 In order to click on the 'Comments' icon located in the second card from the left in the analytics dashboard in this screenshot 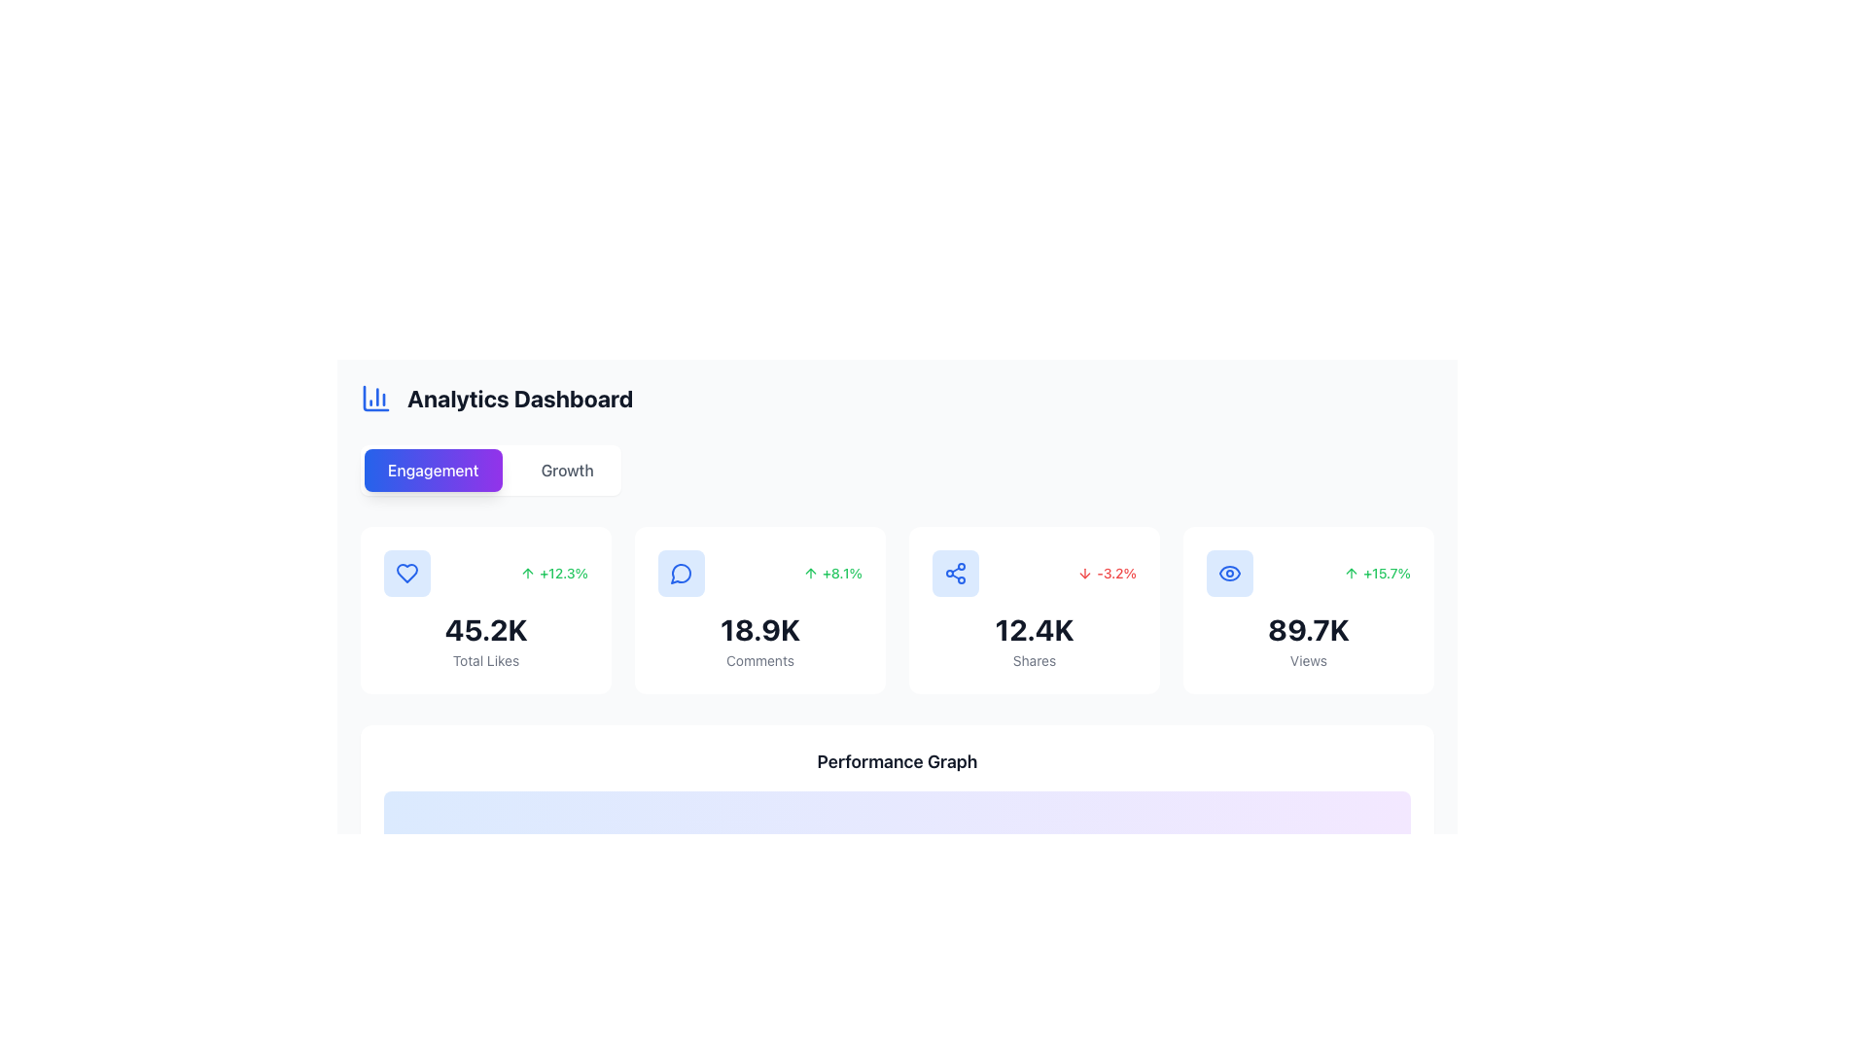, I will do `click(681, 573)`.